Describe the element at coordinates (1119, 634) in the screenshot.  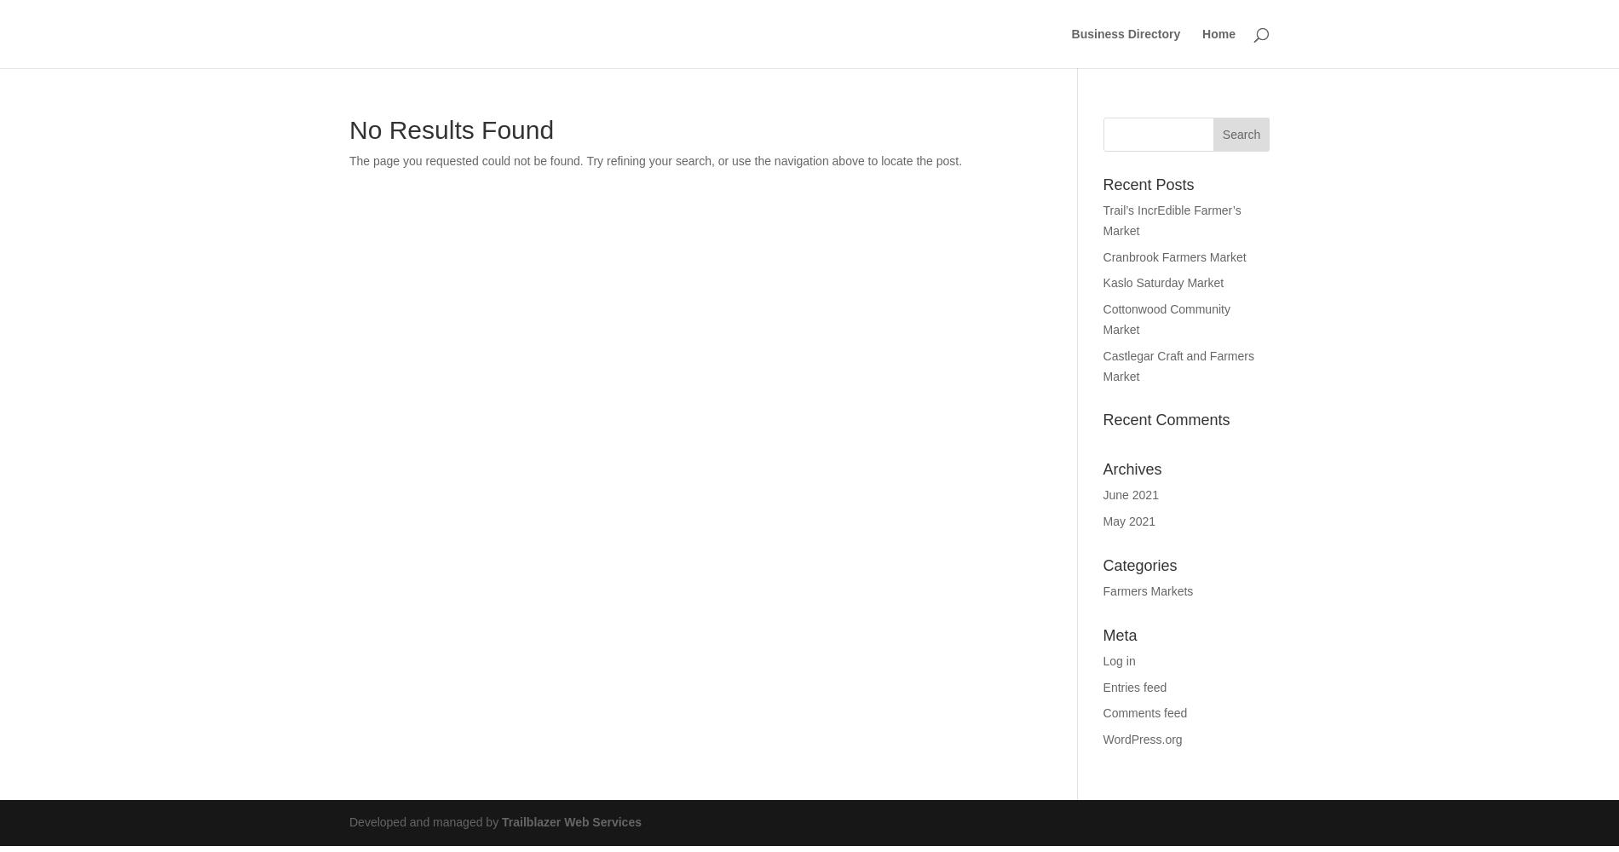
I see `'Meta'` at that location.